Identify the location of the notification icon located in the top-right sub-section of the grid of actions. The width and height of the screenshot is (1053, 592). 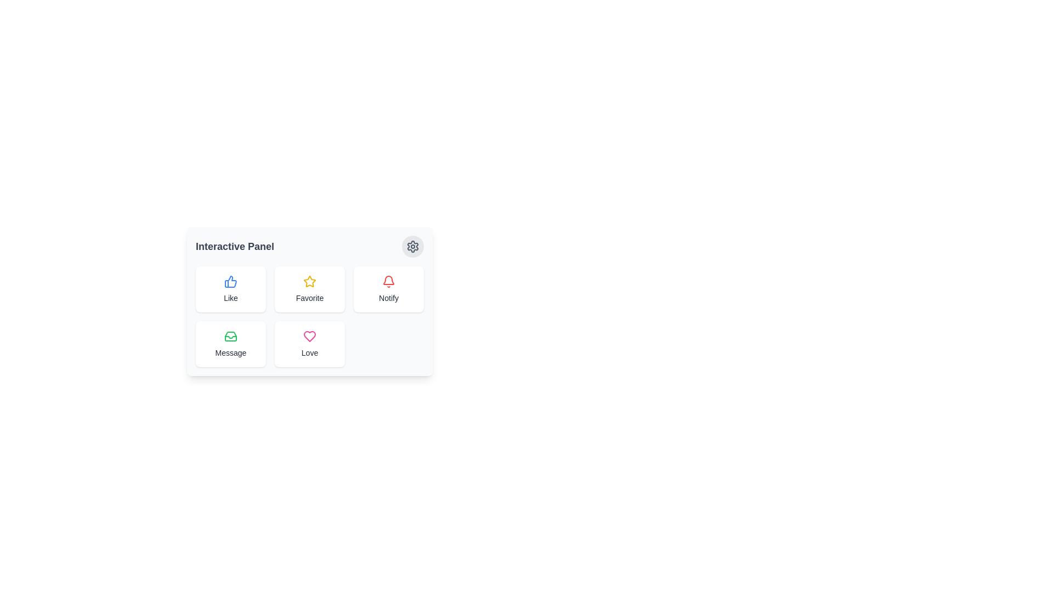
(389, 281).